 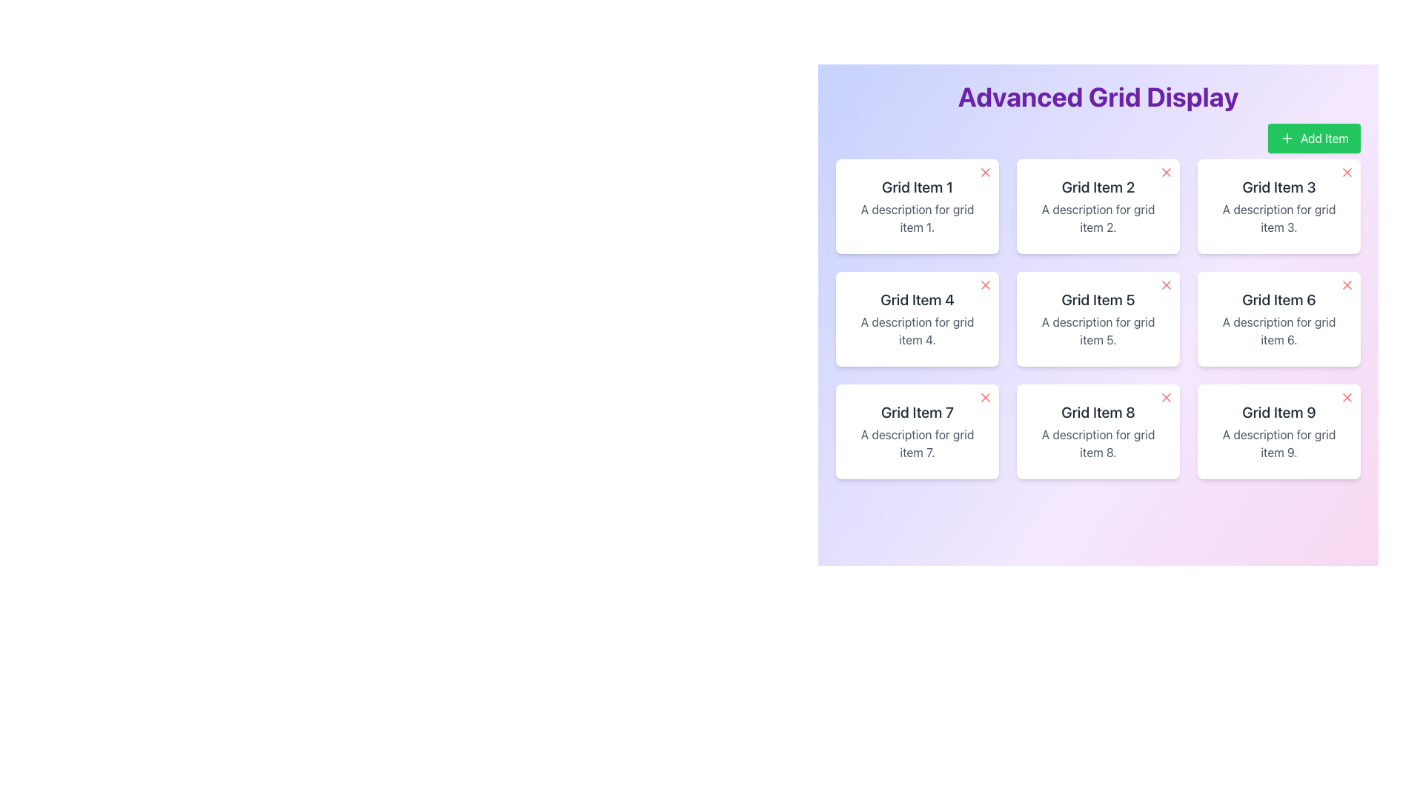 What do you see at coordinates (1098, 300) in the screenshot?
I see `the Text Label element located in the second row and second column of the 3x3 grid of cards under 'Advanced Grid Display'` at bounding box center [1098, 300].